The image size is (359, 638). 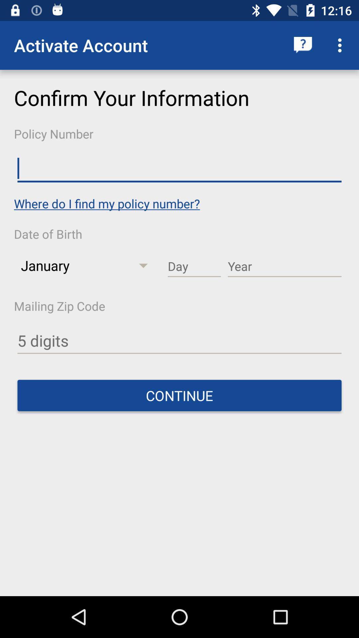 What do you see at coordinates (179, 168) in the screenshot?
I see `type in your policy number` at bounding box center [179, 168].